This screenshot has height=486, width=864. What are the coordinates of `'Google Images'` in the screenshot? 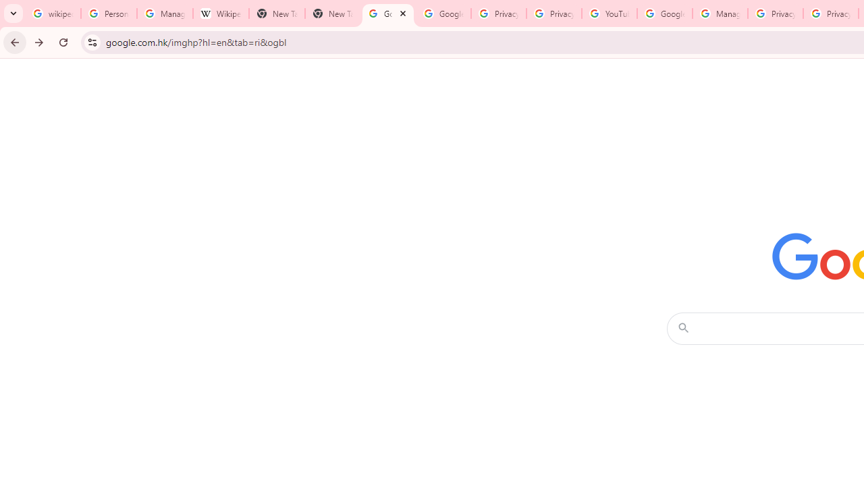 It's located at (387, 13).